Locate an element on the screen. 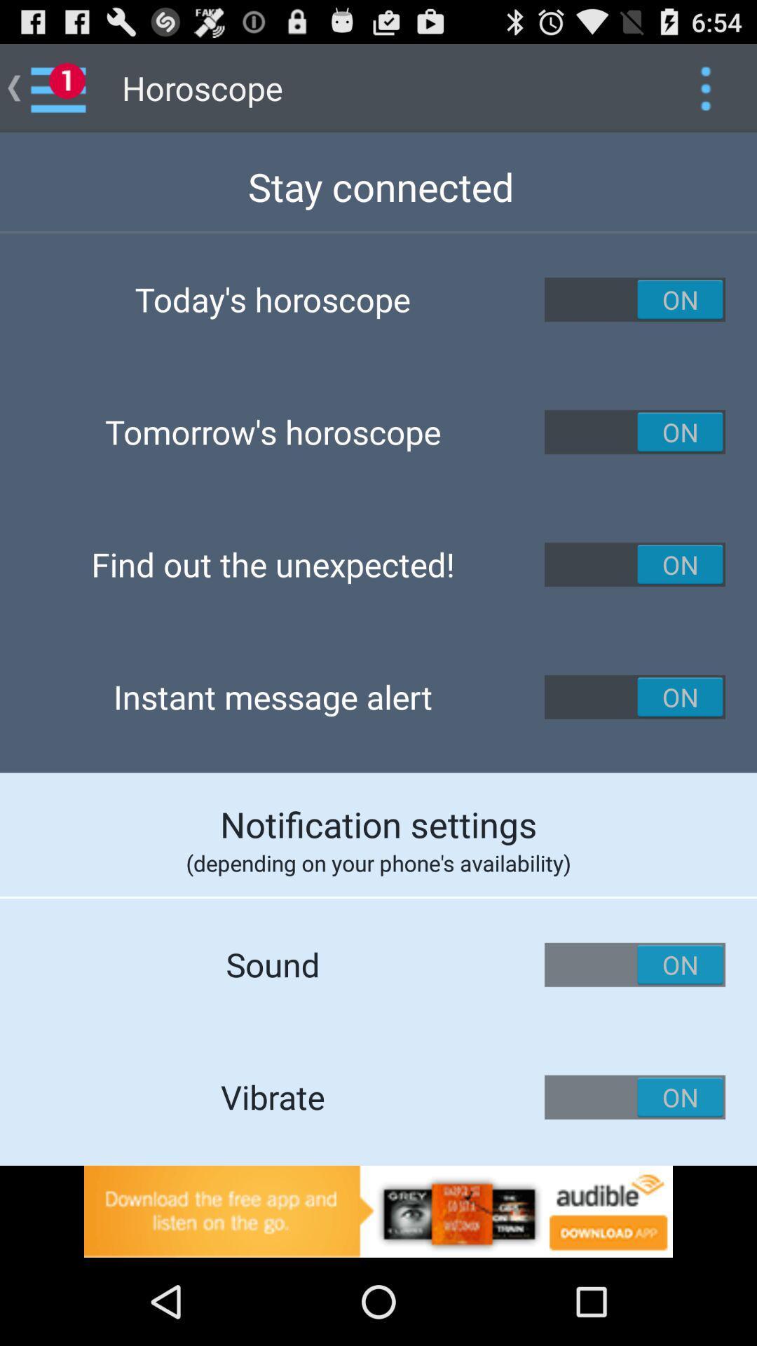  turn on/off for find out the unexpected option is located at coordinates (635, 564).